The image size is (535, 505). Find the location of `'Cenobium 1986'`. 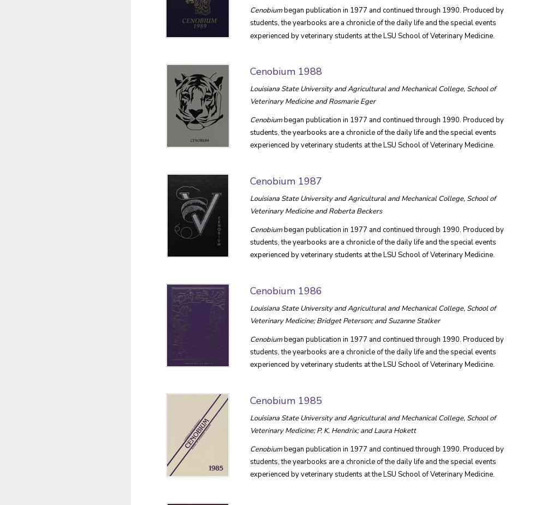

'Cenobium 1986' is located at coordinates (286, 290).